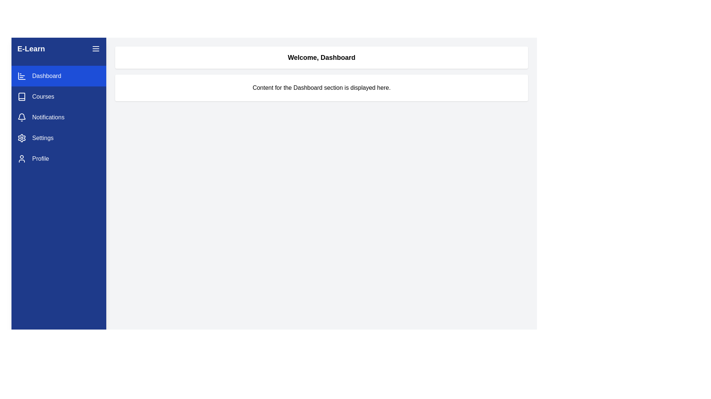 The width and height of the screenshot is (711, 399). What do you see at coordinates (58, 48) in the screenshot?
I see `the text label or heading at the top of the blue vertical sidebar on the left, which represents the name of the application or website` at bounding box center [58, 48].